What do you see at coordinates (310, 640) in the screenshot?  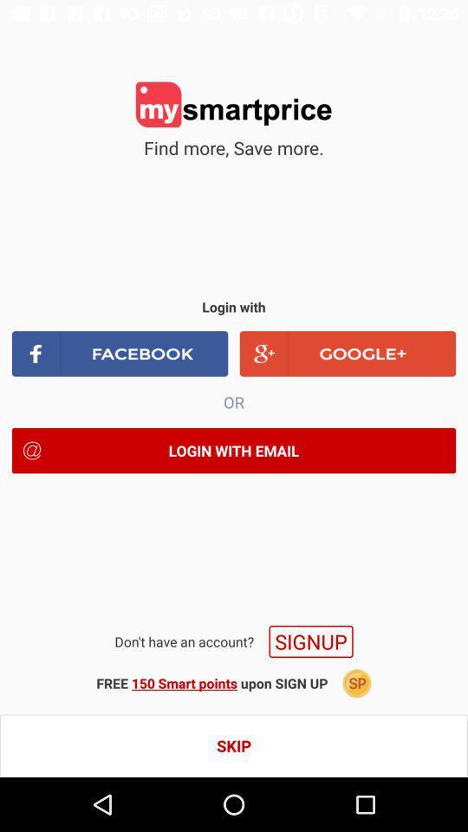 I see `item below the login with email item` at bounding box center [310, 640].